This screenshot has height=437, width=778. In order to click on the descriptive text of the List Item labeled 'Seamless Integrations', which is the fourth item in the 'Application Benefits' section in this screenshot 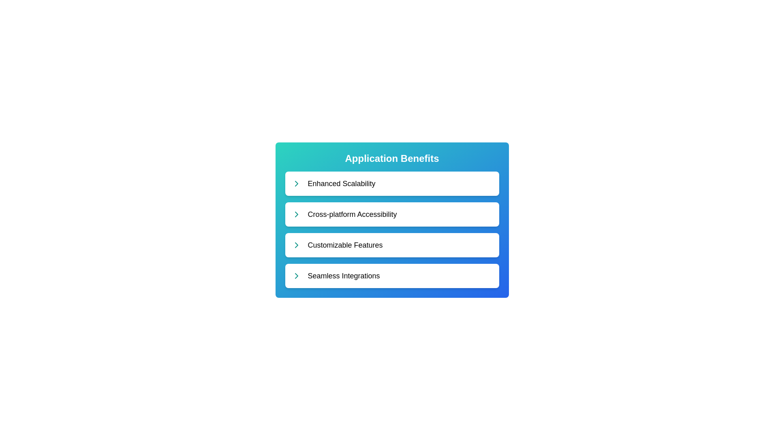, I will do `click(392, 276)`.